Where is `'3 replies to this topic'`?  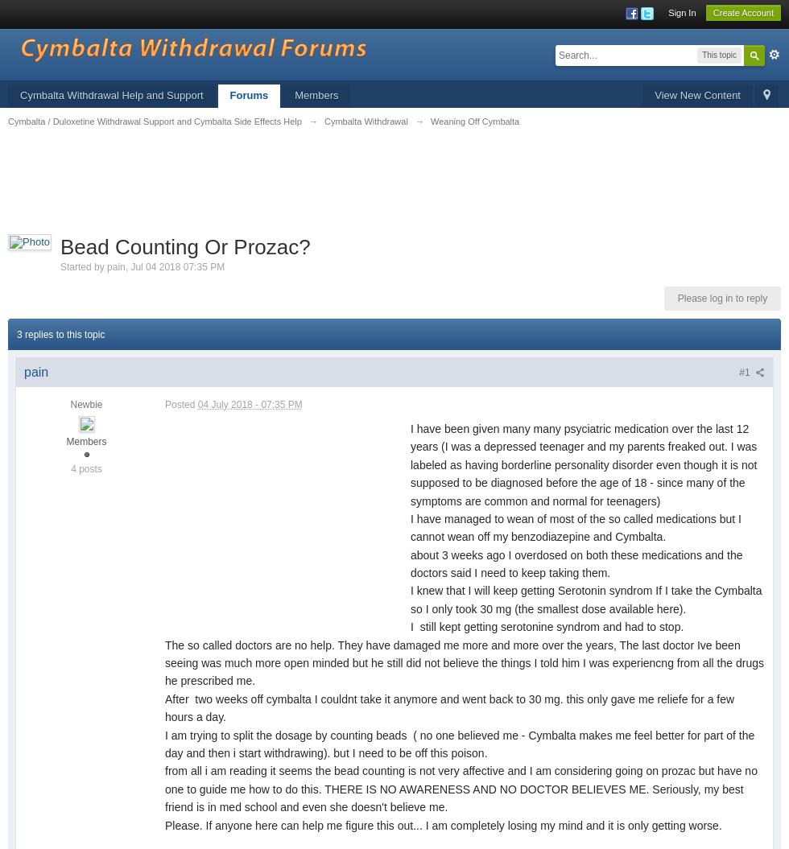 '3 replies to this topic' is located at coordinates (60, 333).